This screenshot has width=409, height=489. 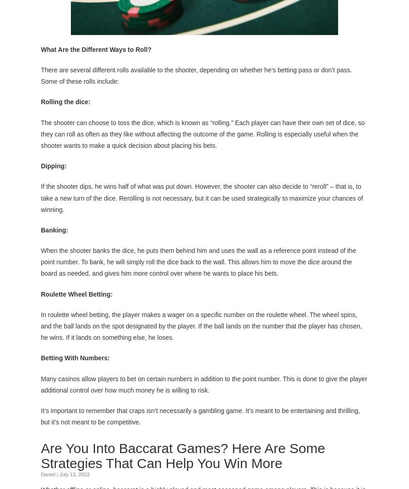 I want to click on 'If the shooter dips, he wins half of what was put down. However, the shooter can also decide to “reroll” – that is, to take a new turn of the dice. Rerolling is not necessary, but it can be used strategically to maximize your chances of winning.', so click(x=40, y=197).